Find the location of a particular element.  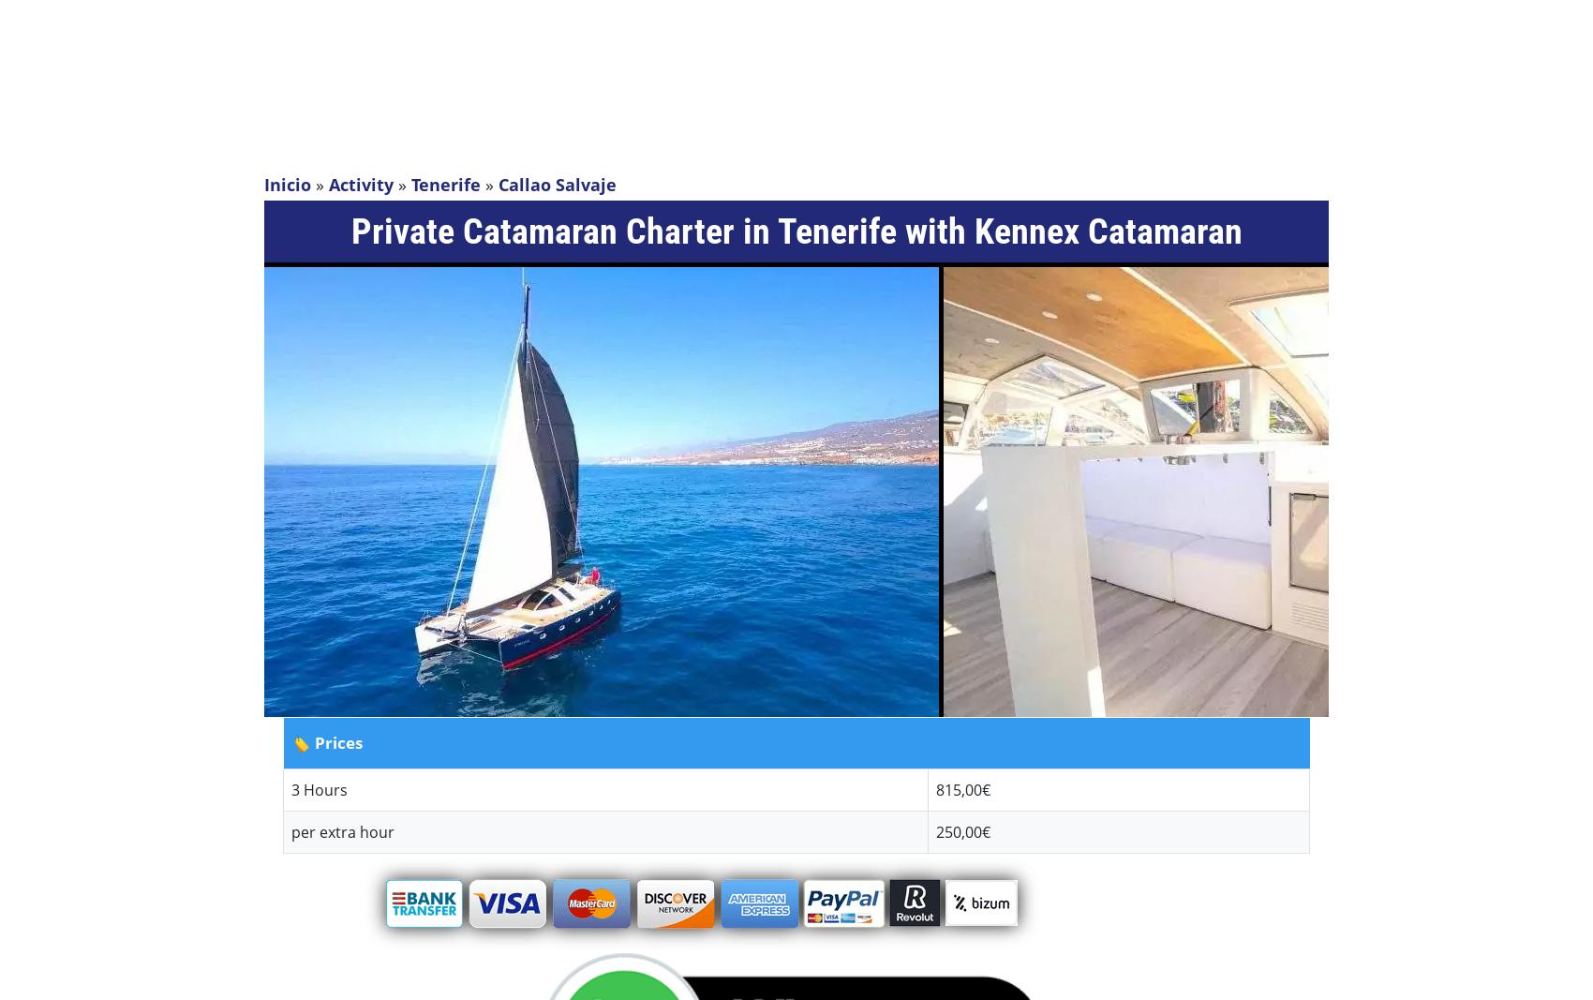

'the' is located at coordinates (947, 157).